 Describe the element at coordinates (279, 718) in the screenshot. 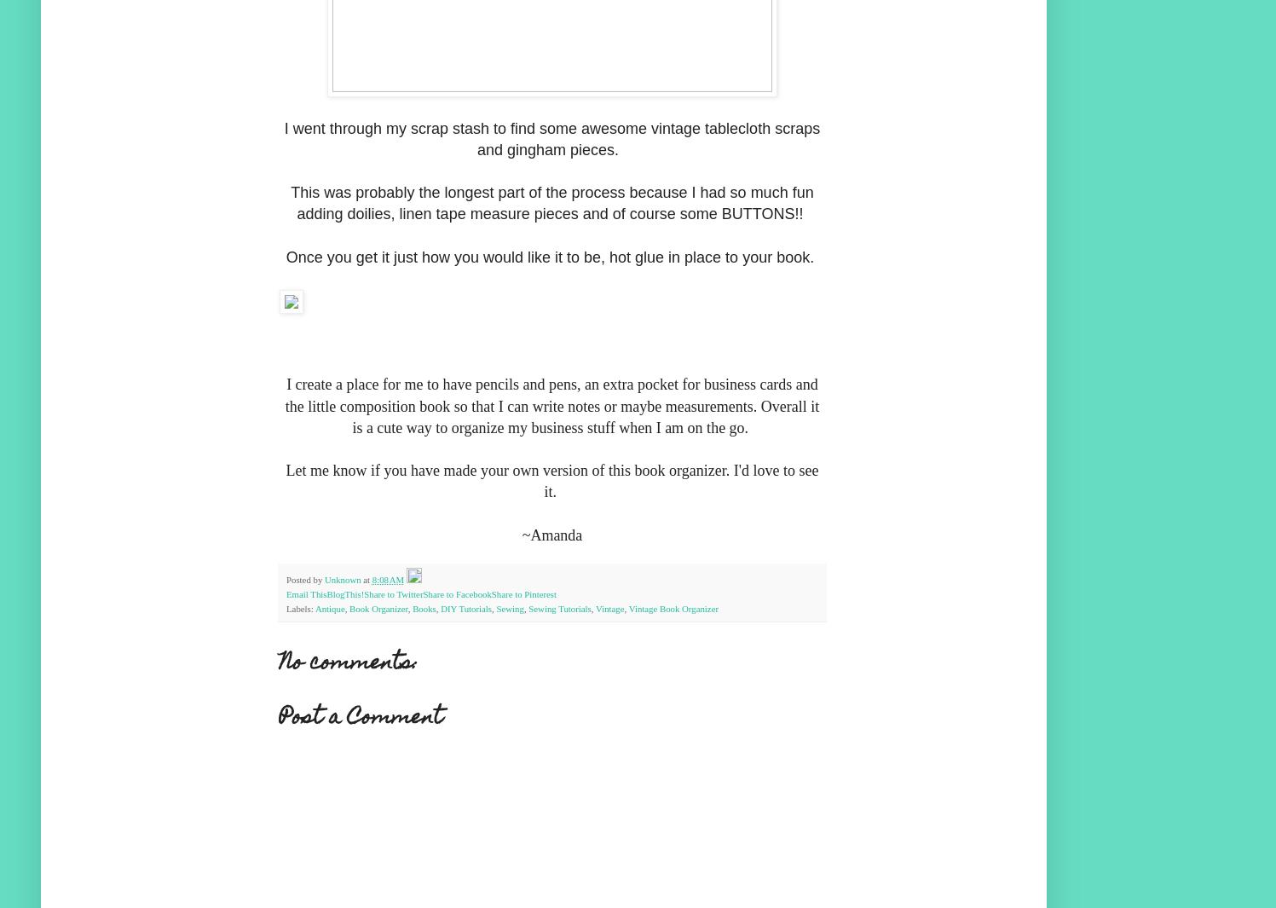

I see `'Post a Comment'` at that location.